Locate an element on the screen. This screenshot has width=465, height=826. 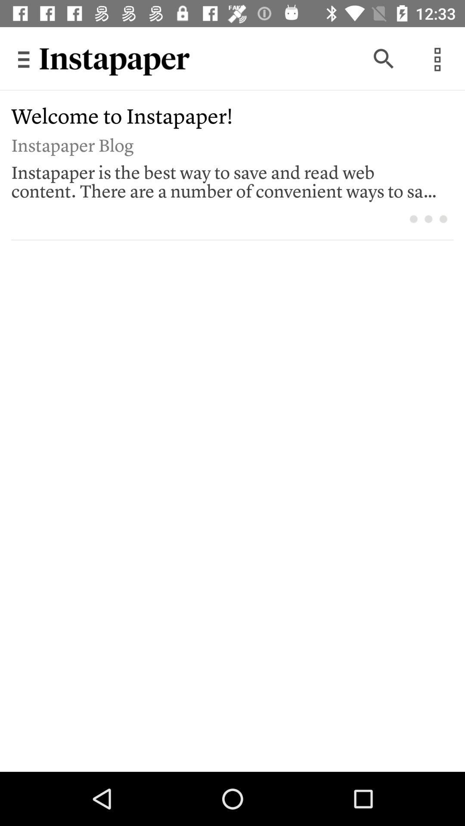
the instapaper is the icon is located at coordinates (226, 179).